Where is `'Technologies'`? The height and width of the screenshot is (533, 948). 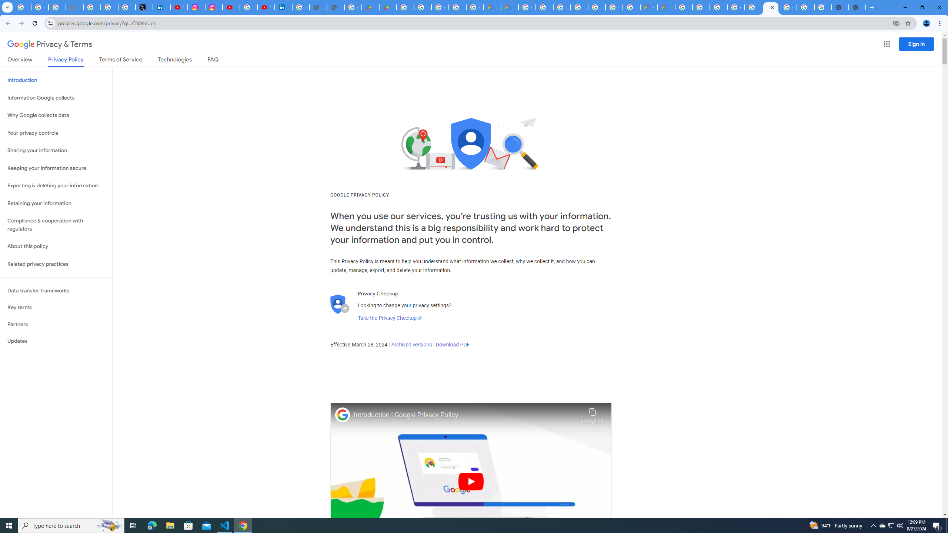 'Technologies' is located at coordinates (175, 61).